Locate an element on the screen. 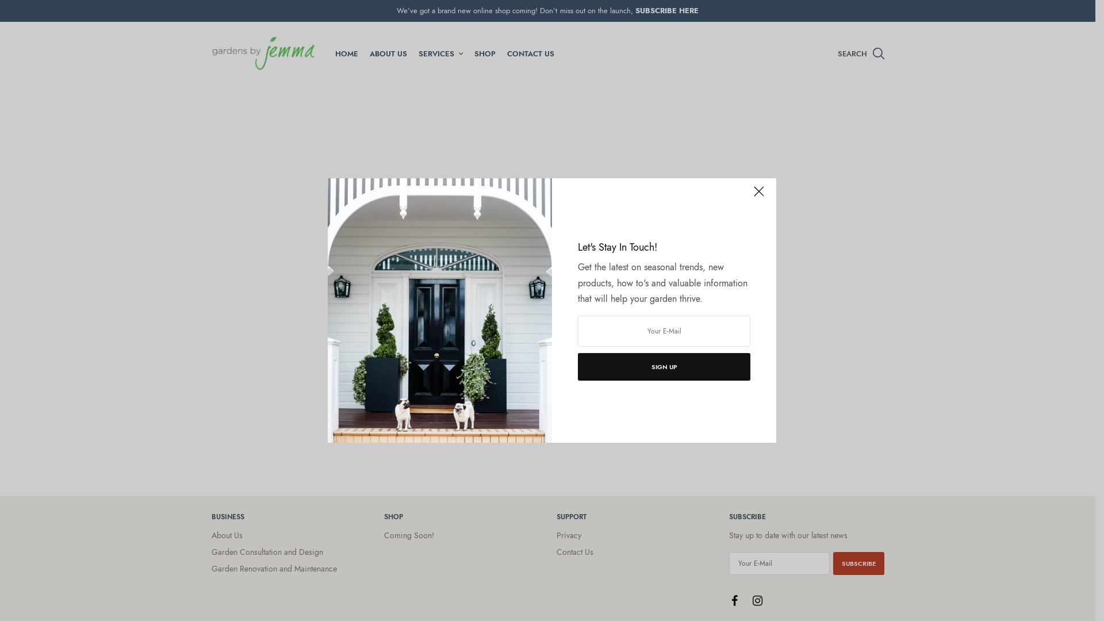 The image size is (1104, 621). 'About Us' is located at coordinates (212, 535).